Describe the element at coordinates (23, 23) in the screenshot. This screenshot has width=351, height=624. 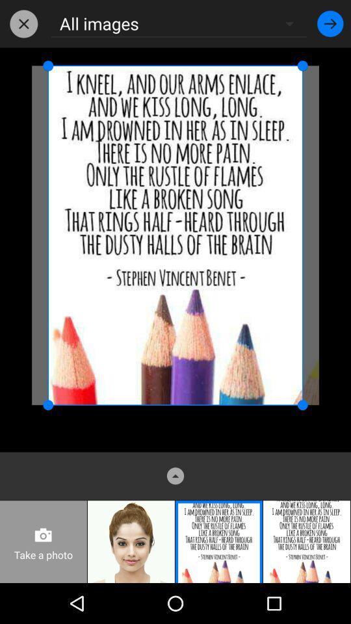
I see `item next to all images item` at that location.